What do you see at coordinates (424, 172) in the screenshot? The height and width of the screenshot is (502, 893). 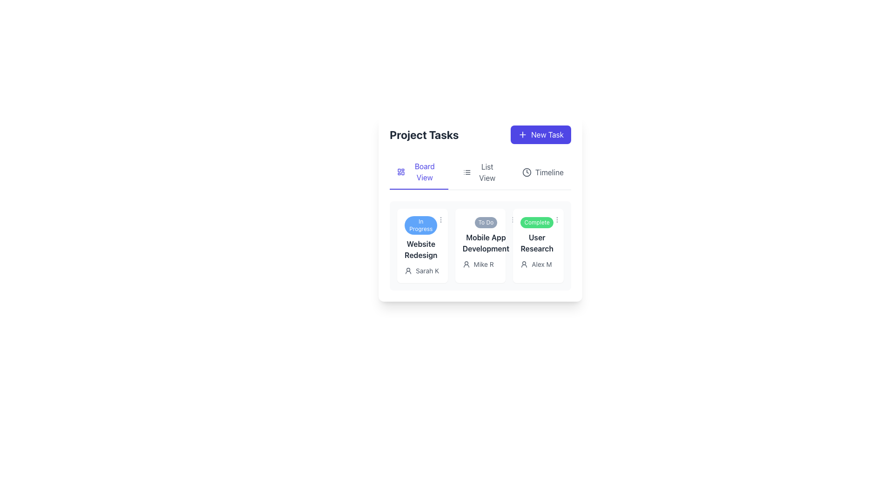 I see `the 'Board View' text label, which indicates or switches to the board display mode, located near the 'List View' and 'Timeline' options` at bounding box center [424, 172].